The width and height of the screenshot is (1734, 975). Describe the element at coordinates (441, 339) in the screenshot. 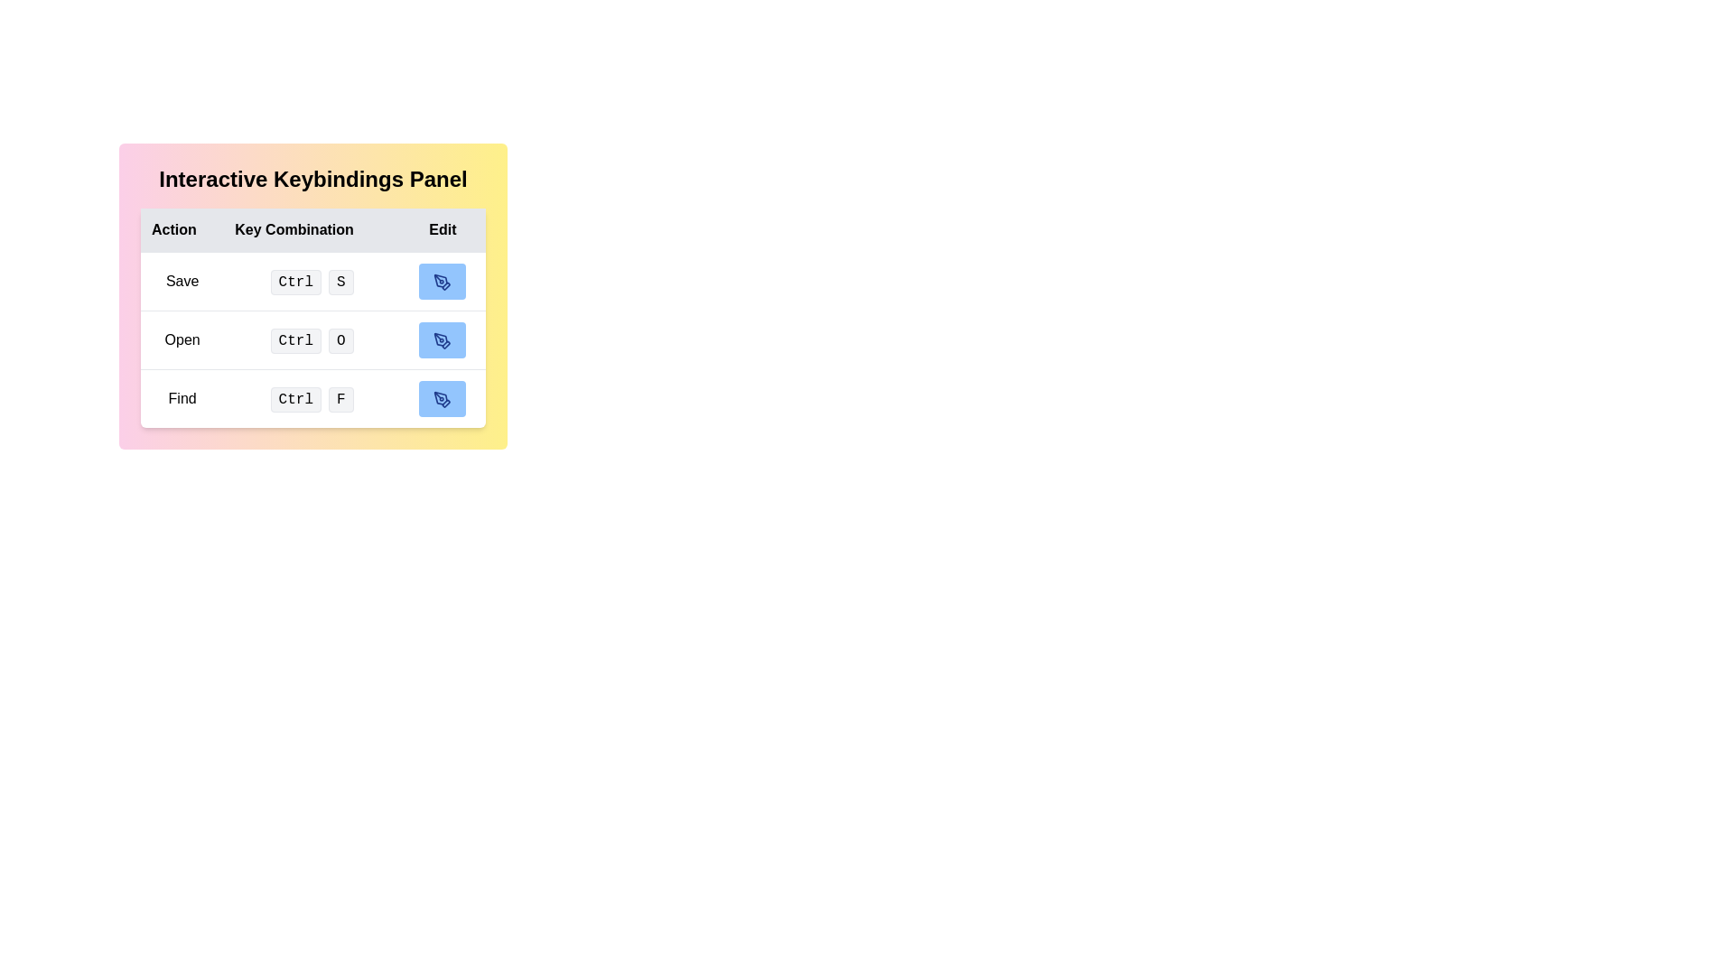

I see `details of the SVG representation associated with the 'Open' command action, located in the second segment of the 'Edit' column in the second row of the 'Interactive Keybindings Panel'` at that location.